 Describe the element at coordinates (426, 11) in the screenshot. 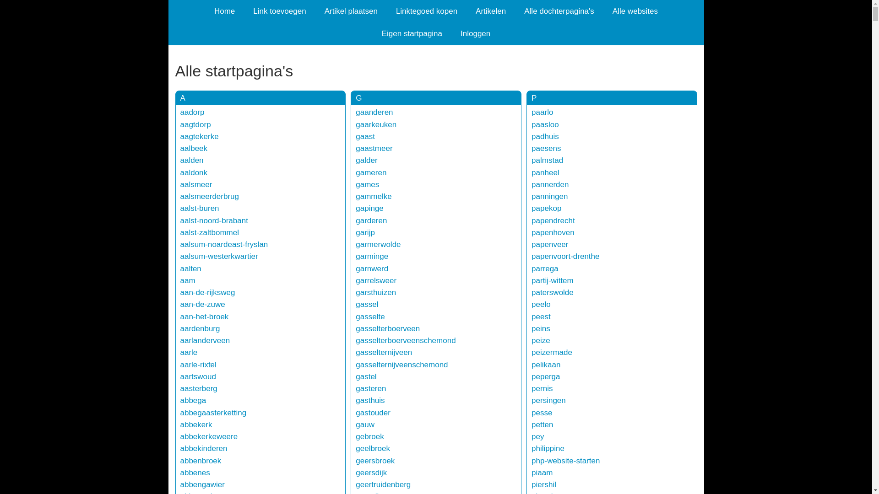

I see `'Linktegoed kopen'` at that location.